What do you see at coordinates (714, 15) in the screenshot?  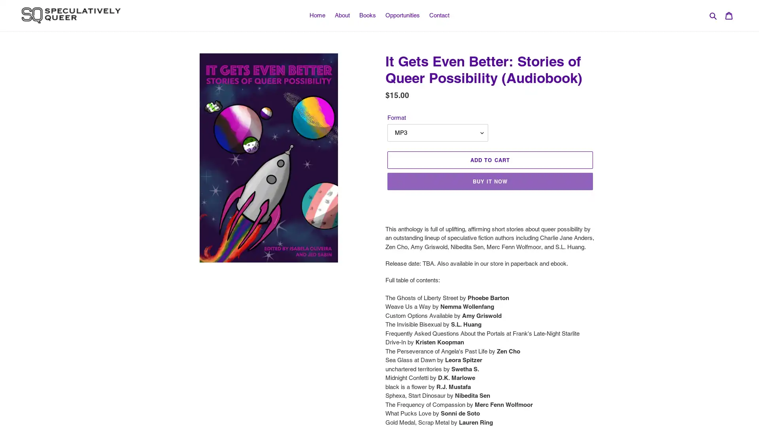 I see `Search` at bounding box center [714, 15].